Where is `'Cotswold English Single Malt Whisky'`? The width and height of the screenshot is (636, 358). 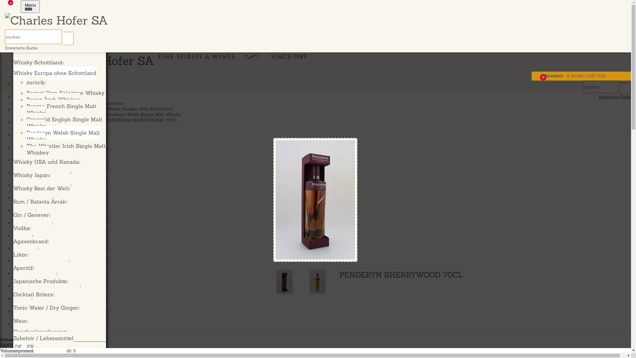
'Cotswold English Single Malt Whisky' is located at coordinates (64, 123).